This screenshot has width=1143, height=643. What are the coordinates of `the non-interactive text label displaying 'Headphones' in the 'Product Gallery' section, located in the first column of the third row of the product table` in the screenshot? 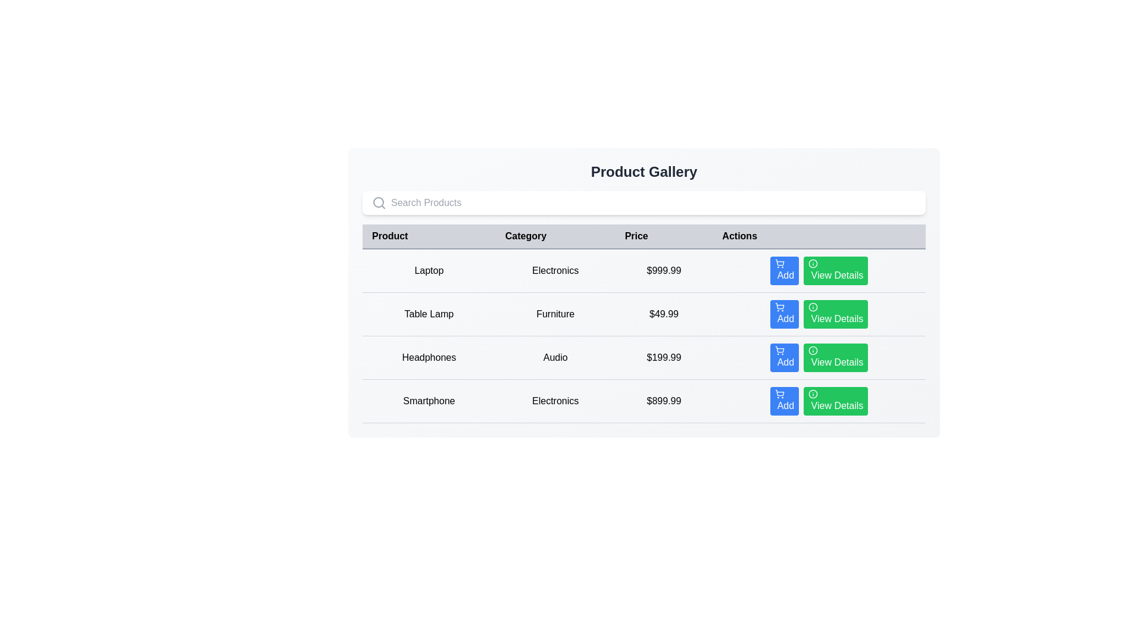 It's located at (429, 357).